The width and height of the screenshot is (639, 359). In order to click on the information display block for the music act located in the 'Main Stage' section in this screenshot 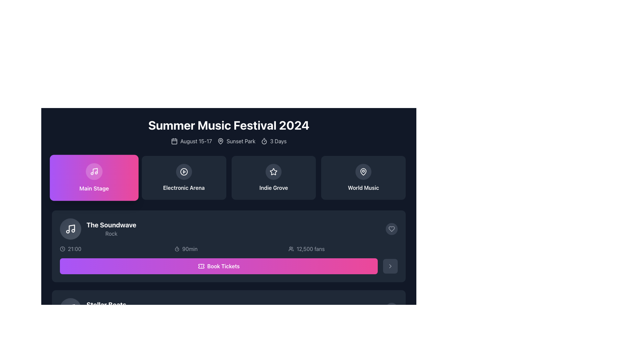, I will do `click(98, 229)`.